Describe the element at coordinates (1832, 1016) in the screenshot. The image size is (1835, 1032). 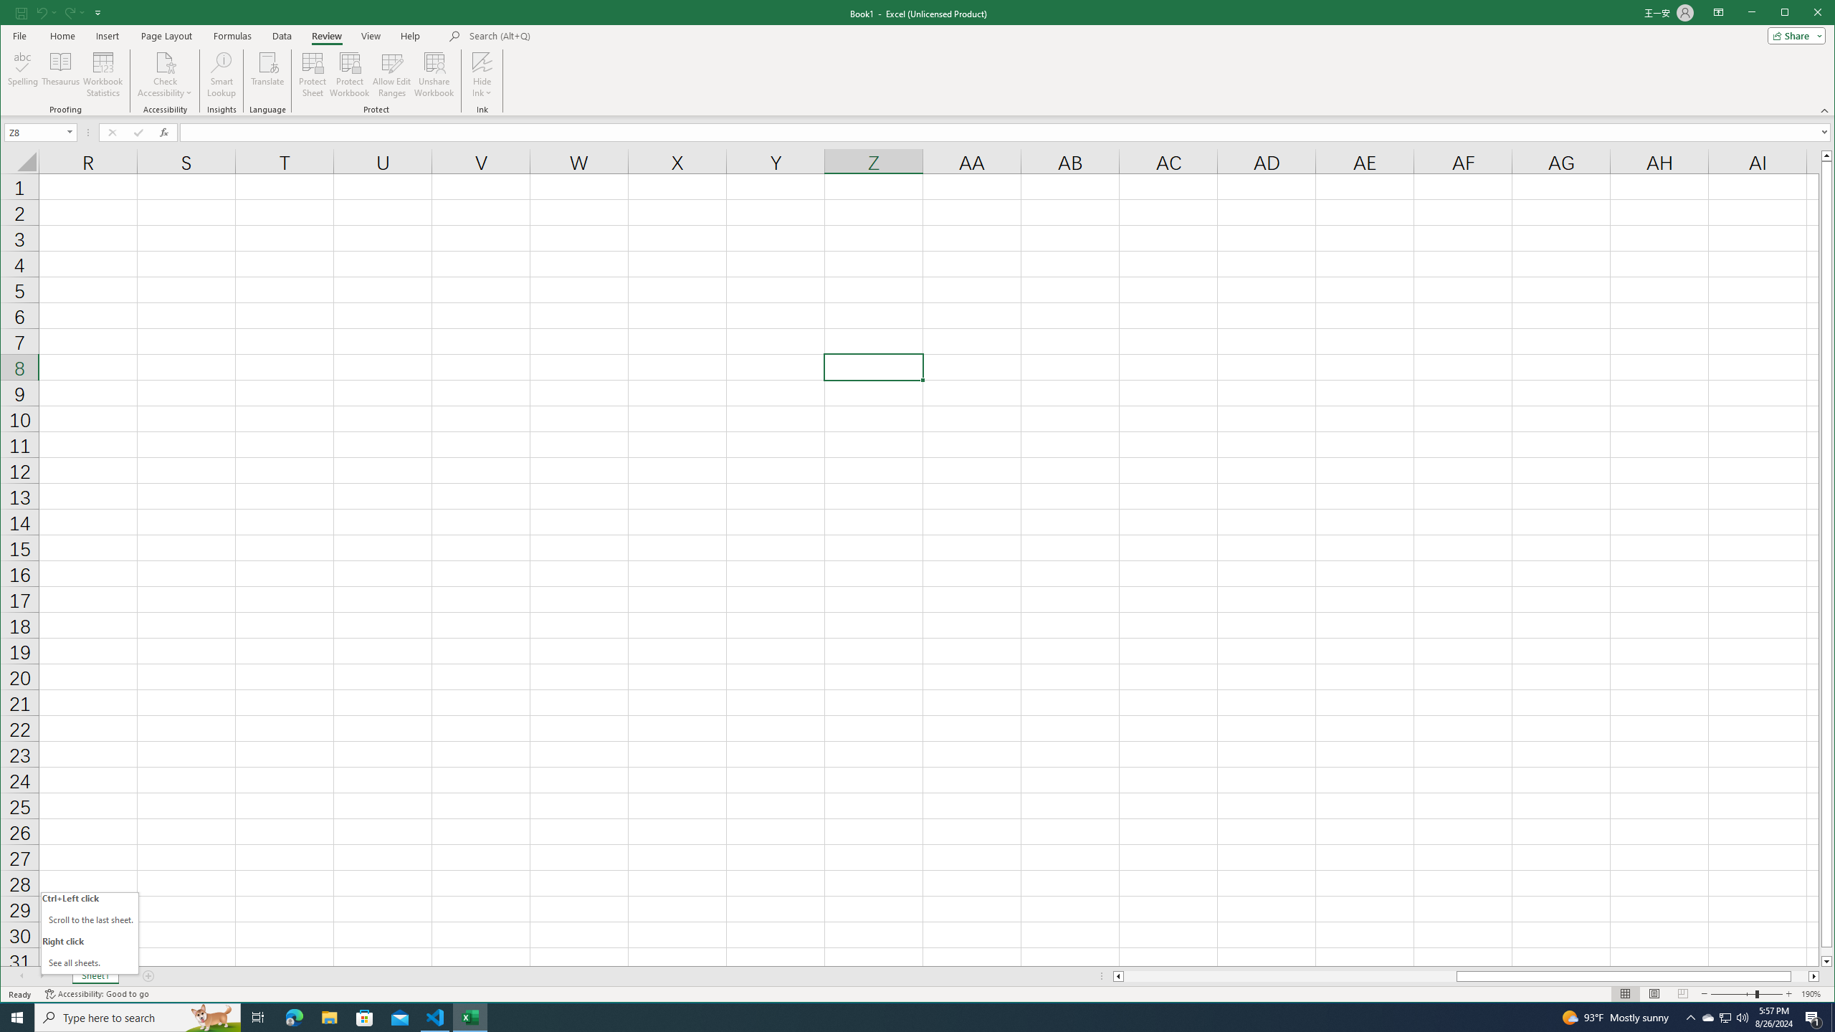
I see `'Show desktop'` at that location.